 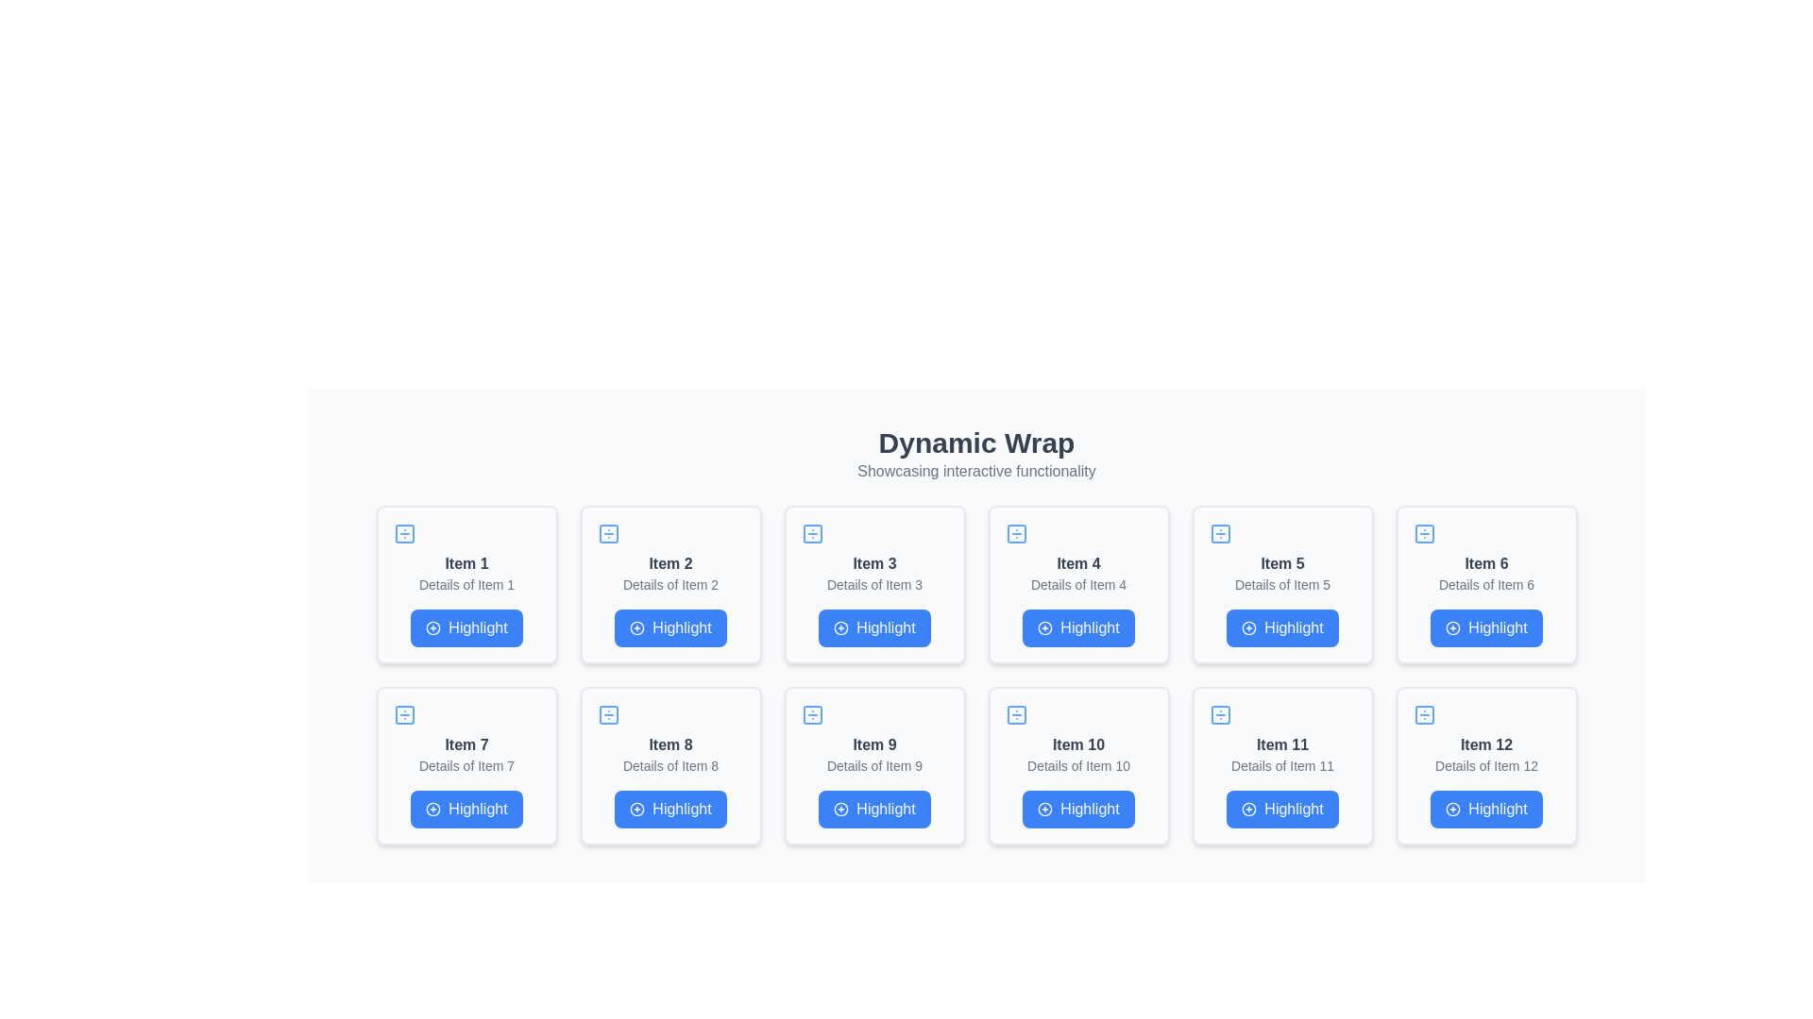 I want to click on the descriptive text label for 'Item 1', which is located beneath the title and above the blue-highlighted button labeled 'Highlight', so click(x=466, y=584).